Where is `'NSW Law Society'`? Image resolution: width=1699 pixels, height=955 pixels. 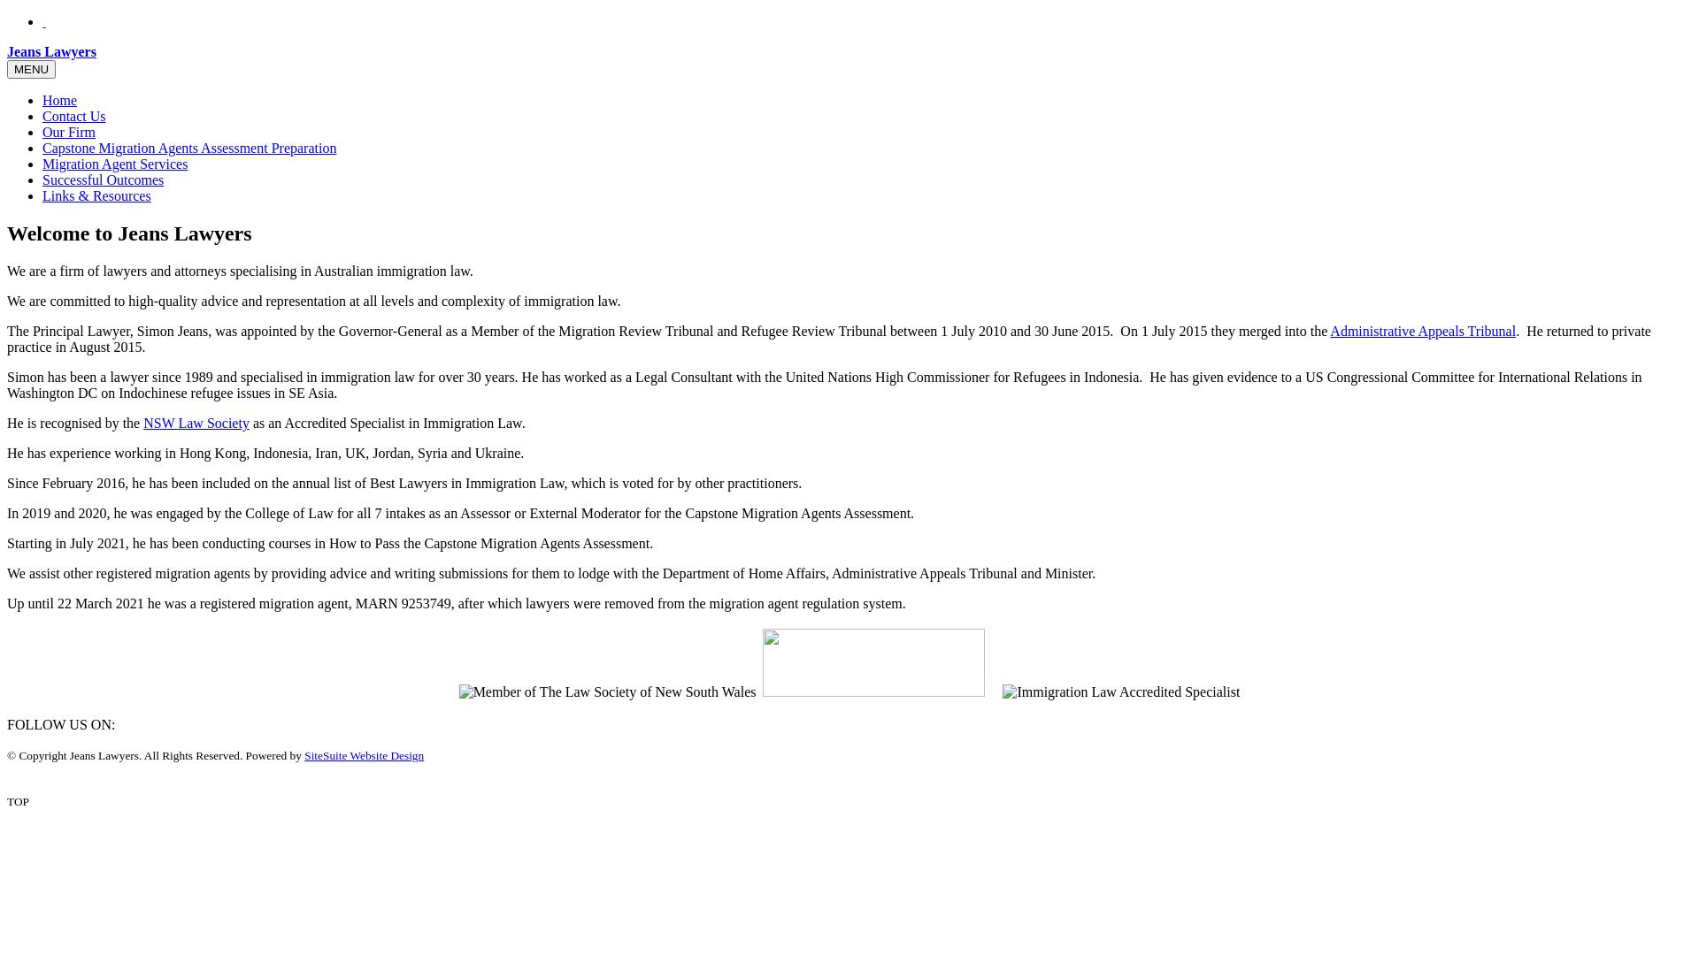 'NSW Law Society' is located at coordinates (196, 423).